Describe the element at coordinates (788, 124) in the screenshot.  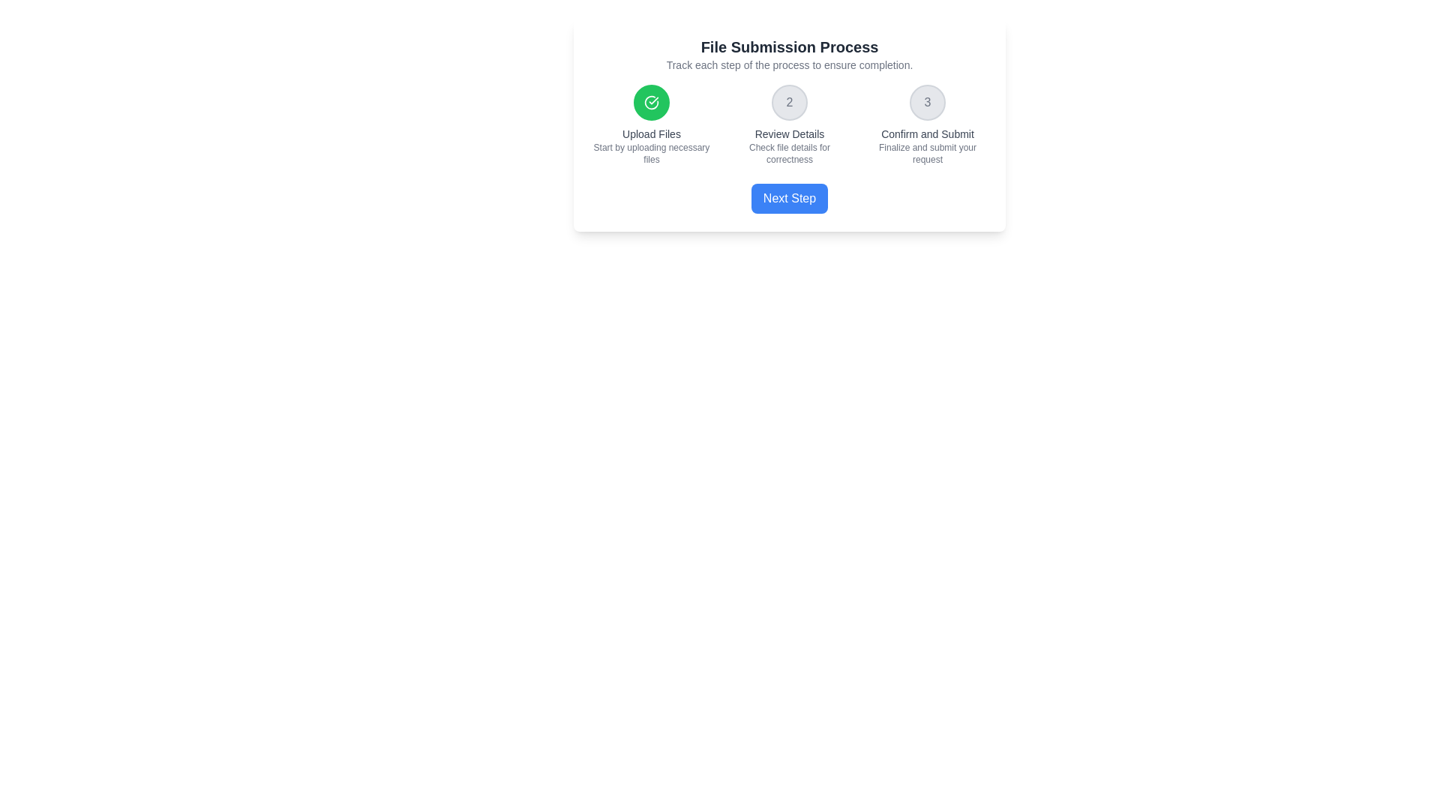
I see `the second step indicator in the progress section labeled 'Review Details'` at that location.